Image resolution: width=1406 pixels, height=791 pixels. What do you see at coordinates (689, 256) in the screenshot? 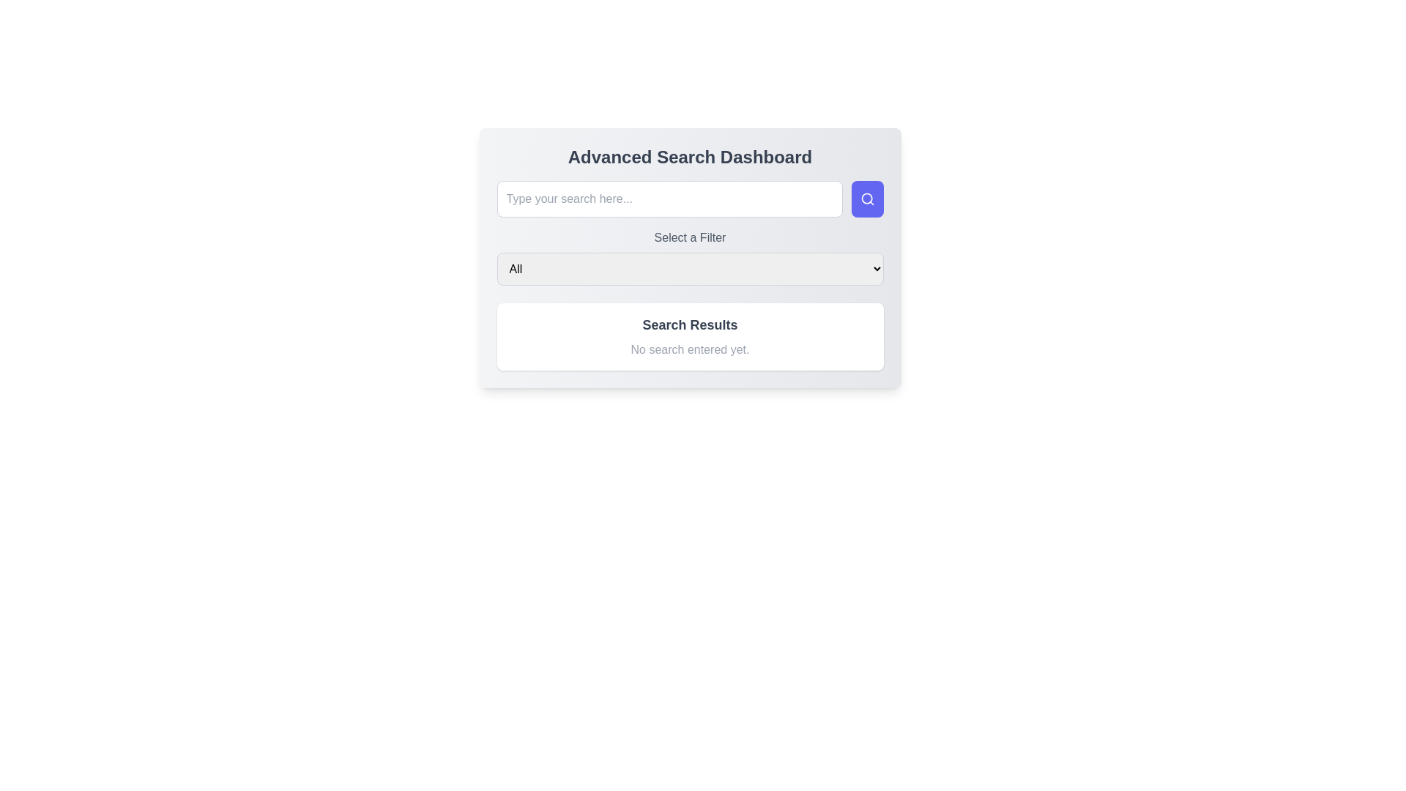
I see `the 'Select a Filter' dropdown menu` at bounding box center [689, 256].